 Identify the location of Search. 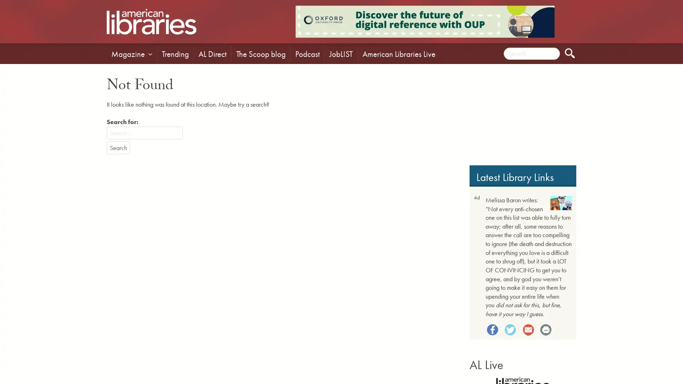
(570, 53).